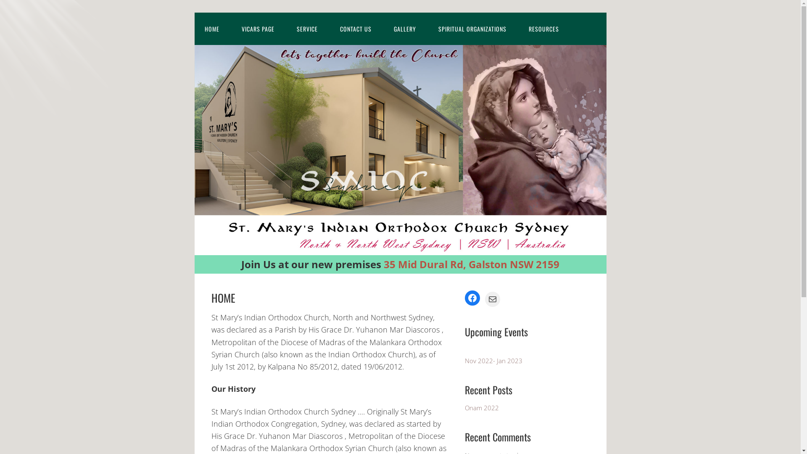  Describe the element at coordinates (329, 28) in the screenshot. I see `'CONTACT US'` at that location.